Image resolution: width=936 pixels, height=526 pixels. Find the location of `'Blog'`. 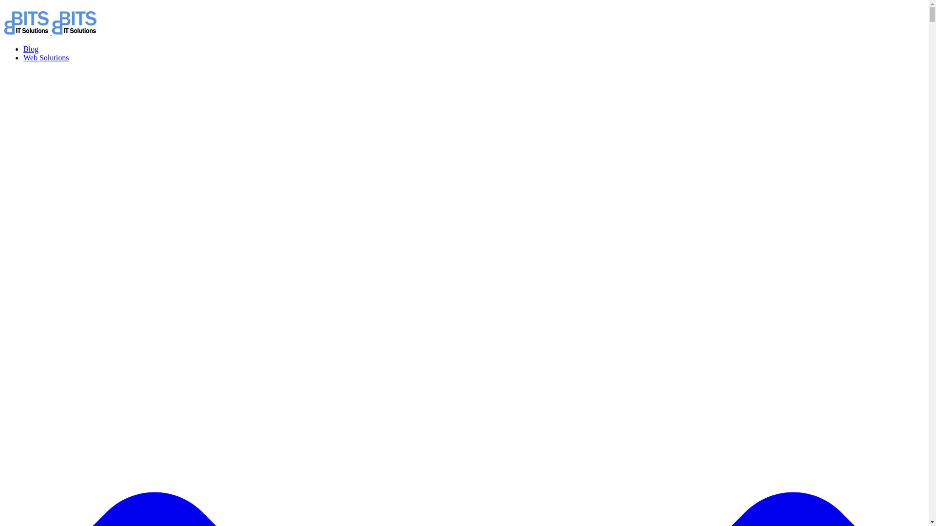

'Blog' is located at coordinates (31, 49).